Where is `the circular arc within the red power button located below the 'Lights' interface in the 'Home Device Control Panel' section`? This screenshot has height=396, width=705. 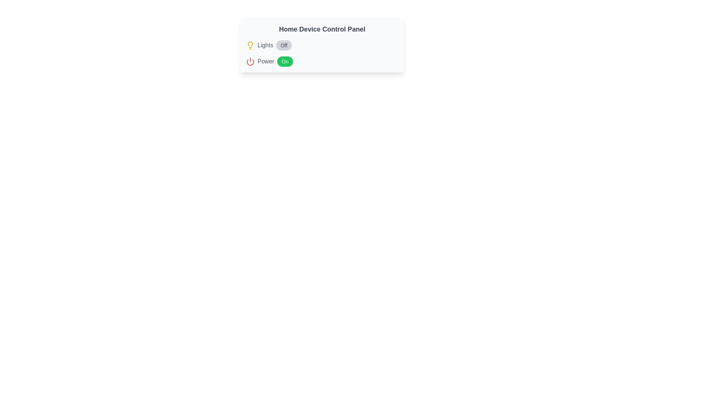 the circular arc within the red power button located below the 'Lights' interface in the 'Home Device Control Panel' section is located at coordinates (250, 62).